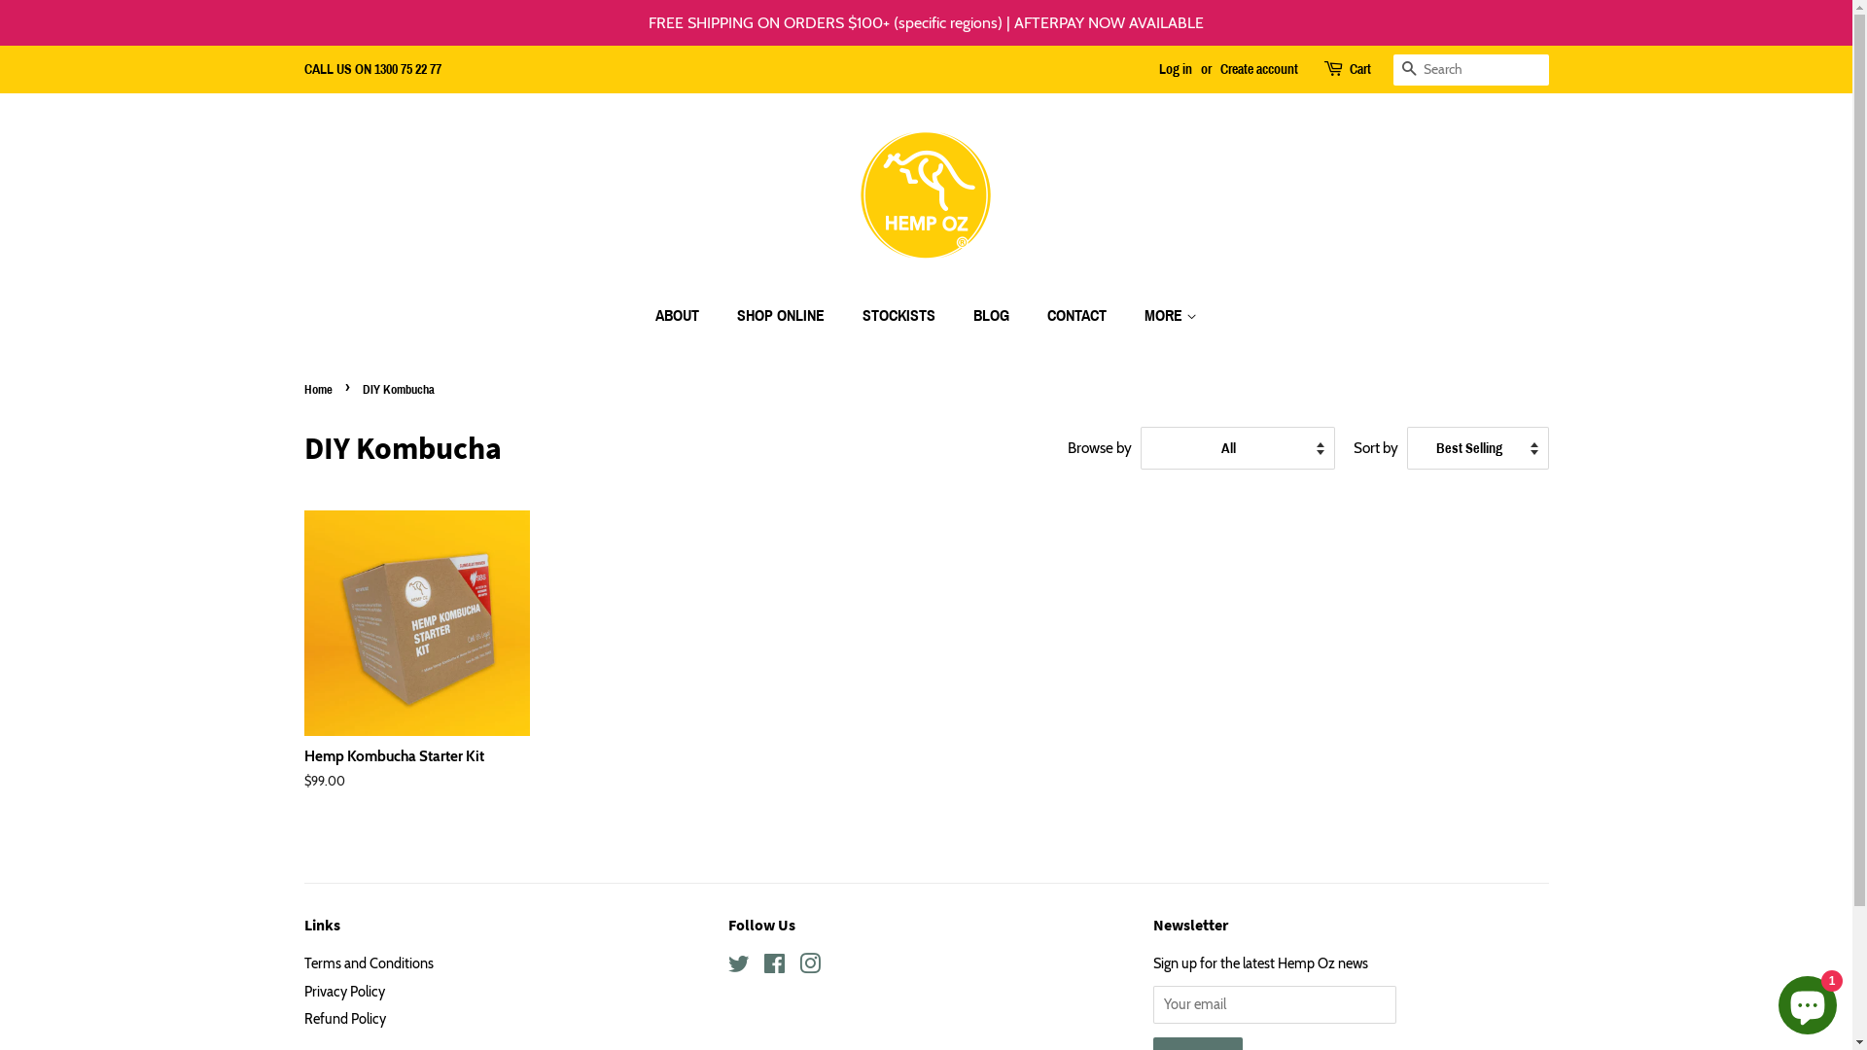  I want to click on 'Twitter', so click(737, 967).